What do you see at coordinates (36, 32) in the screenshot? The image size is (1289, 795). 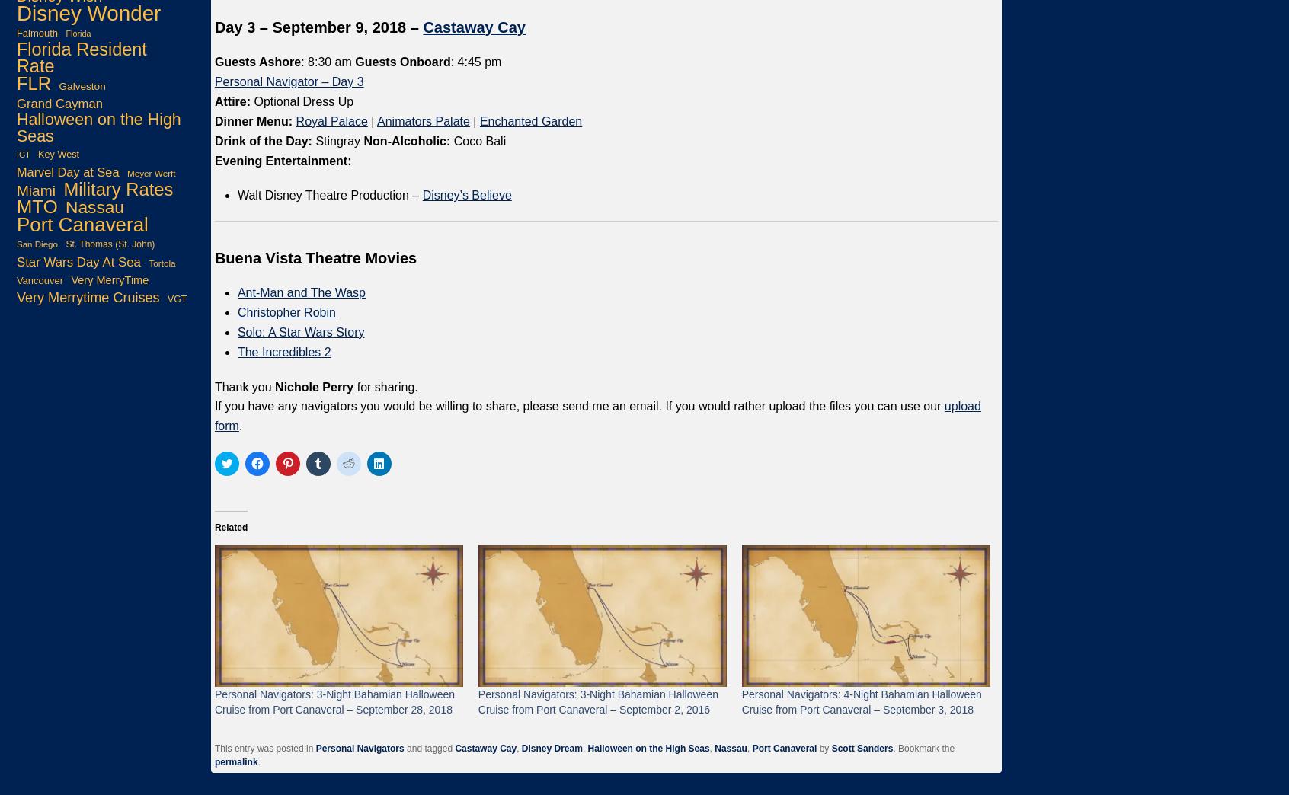 I see `'Falmouth'` at bounding box center [36, 32].